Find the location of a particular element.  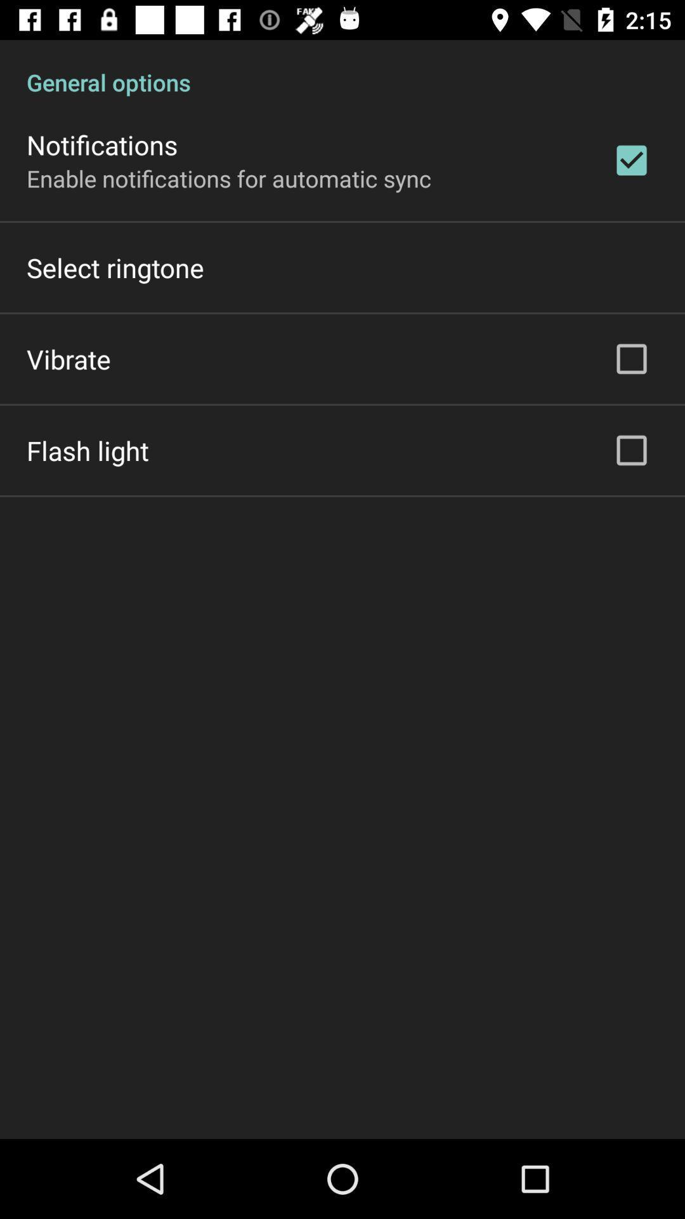

the icon above notifications is located at coordinates (342, 68).